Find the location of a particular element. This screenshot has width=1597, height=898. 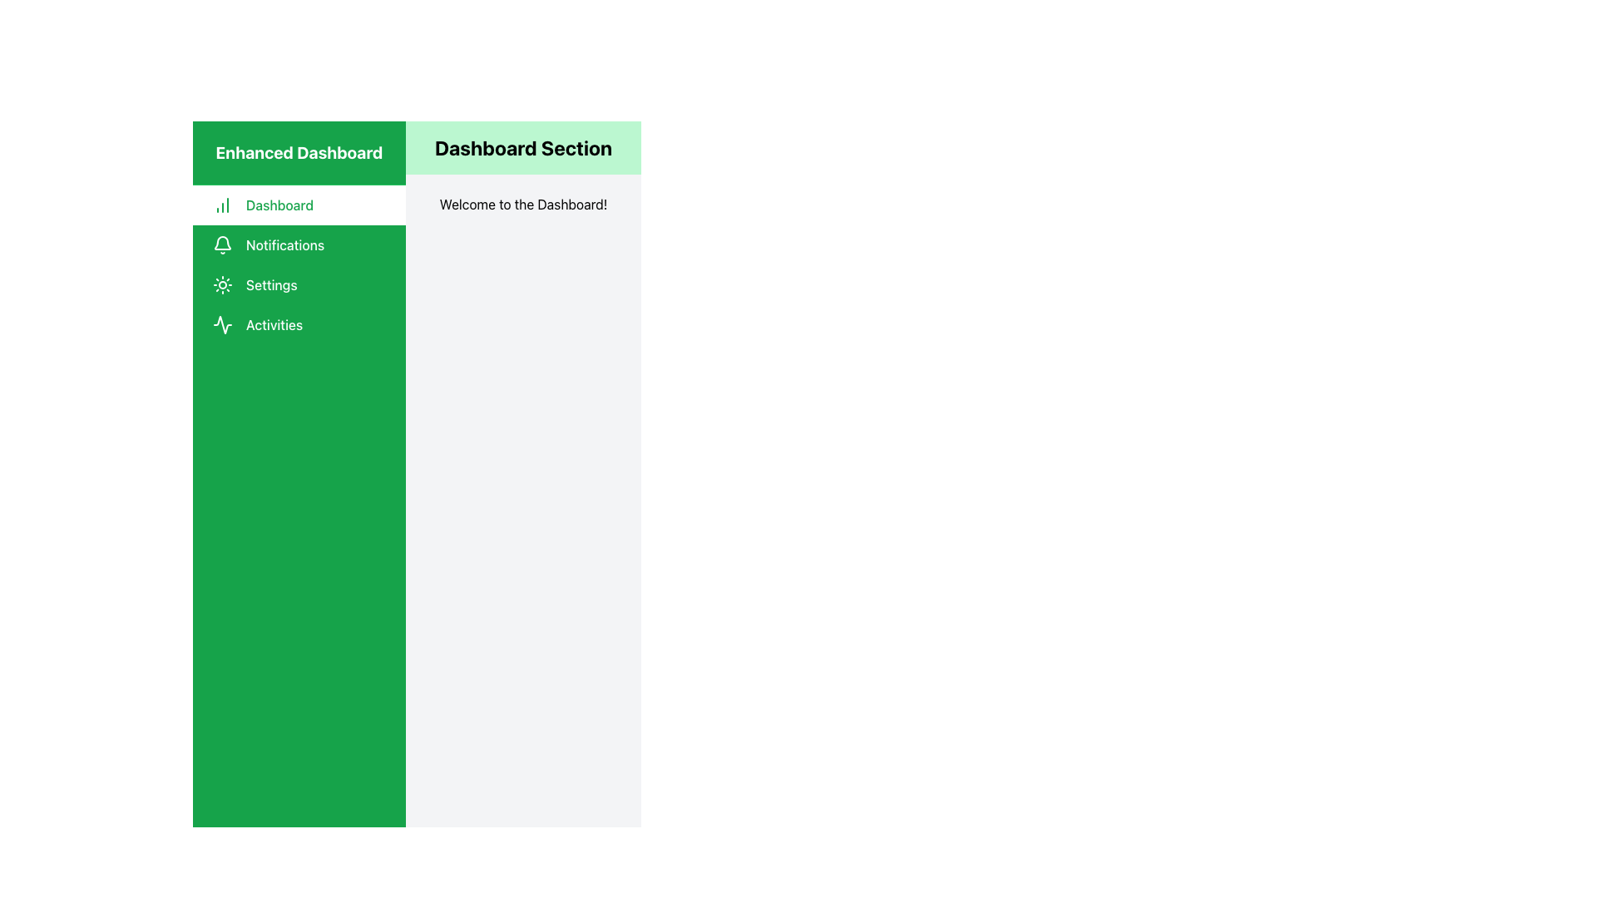

the 'Settings' text label located in the left sidebar, which is the third item in the menu below 'Dashboard' and 'Notifications', and is to the right of a sun-like icon is located at coordinates (271, 284).